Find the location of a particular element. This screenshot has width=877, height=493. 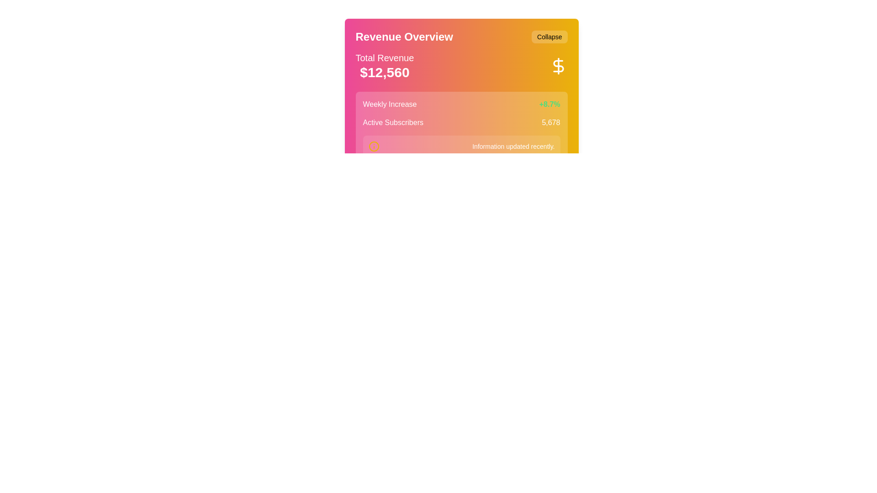

the circular information icon with a yellow stroke outline located at the leftmost side of the rectangular box containing the text 'Information updated recently.' is located at coordinates (374, 146).